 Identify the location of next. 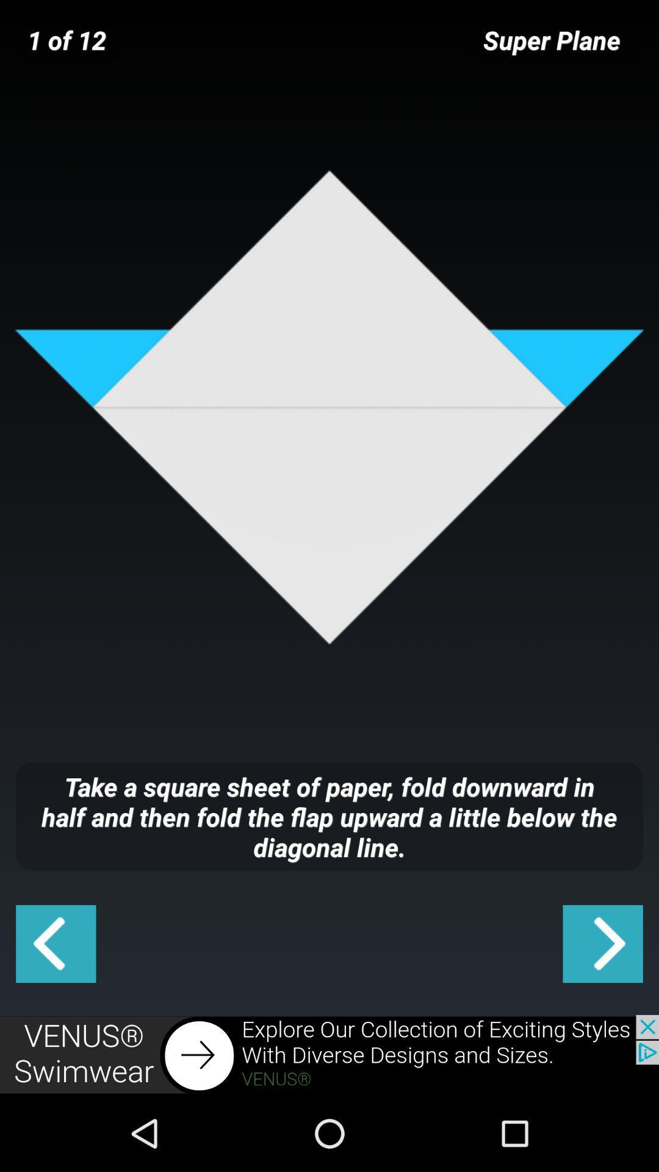
(602, 943).